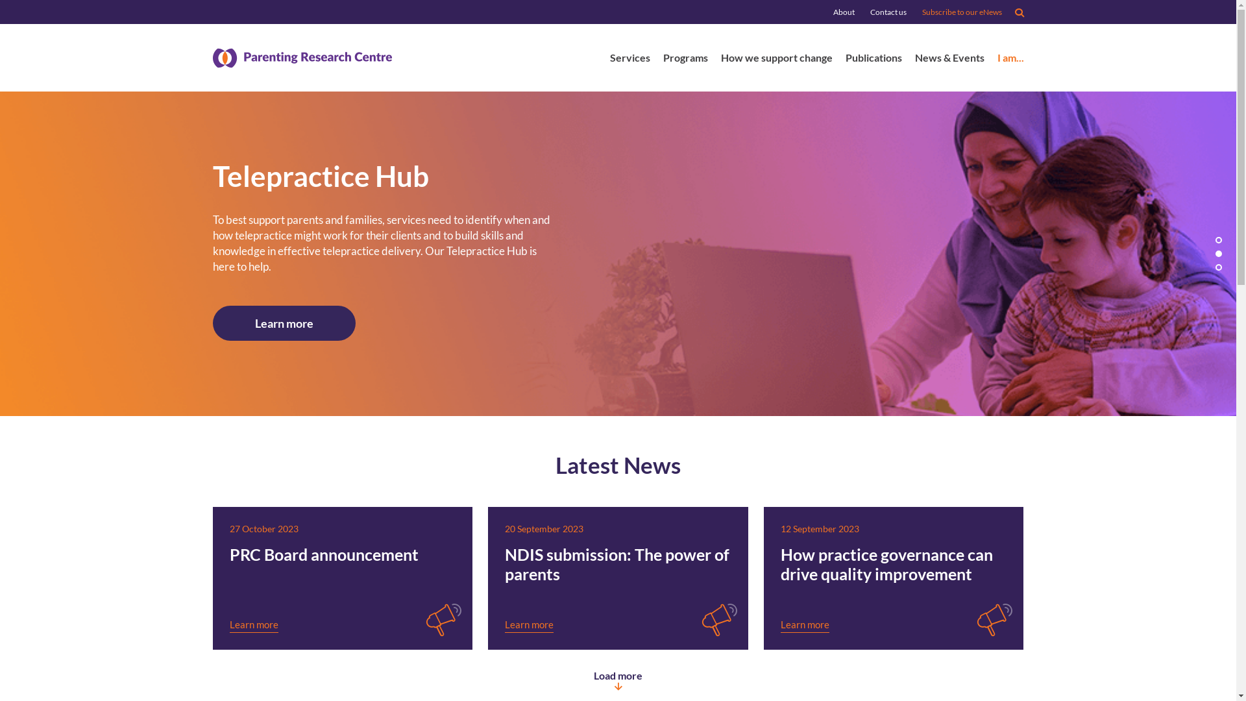 This screenshot has height=701, width=1246. Describe the element at coordinates (887, 12) in the screenshot. I see `'Contact us'` at that location.